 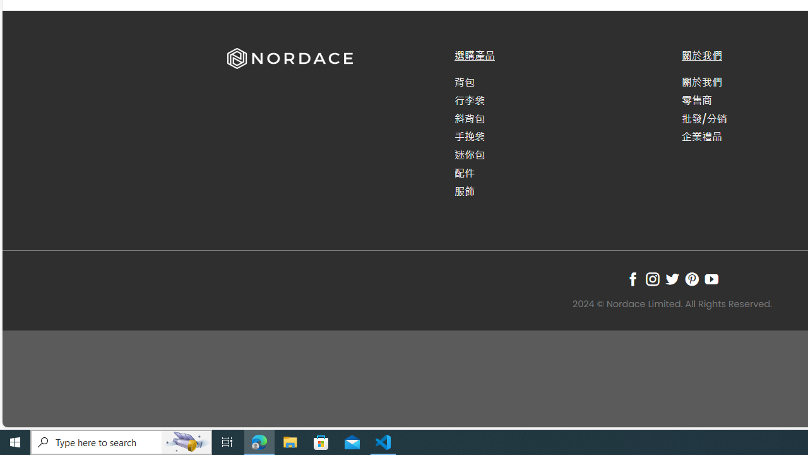 What do you see at coordinates (691, 278) in the screenshot?
I see `'Follow on Pinterest'` at bounding box center [691, 278].